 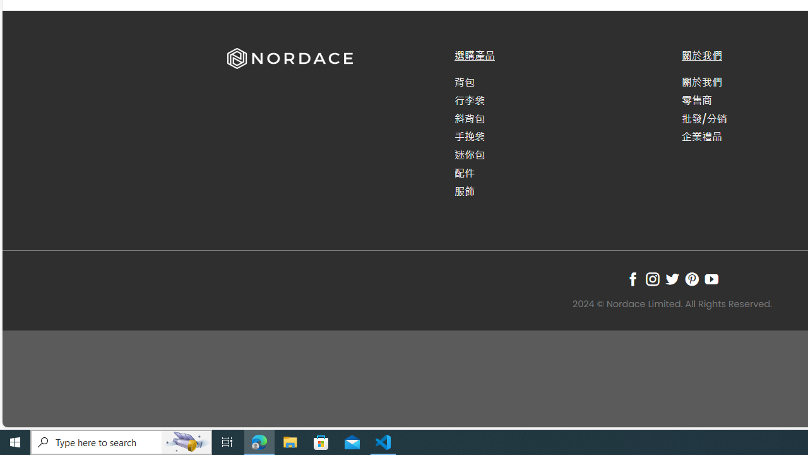 What do you see at coordinates (691, 278) in the screenshot?
I see `'Follow on Pinterest'` at bounding box center [691, 278].